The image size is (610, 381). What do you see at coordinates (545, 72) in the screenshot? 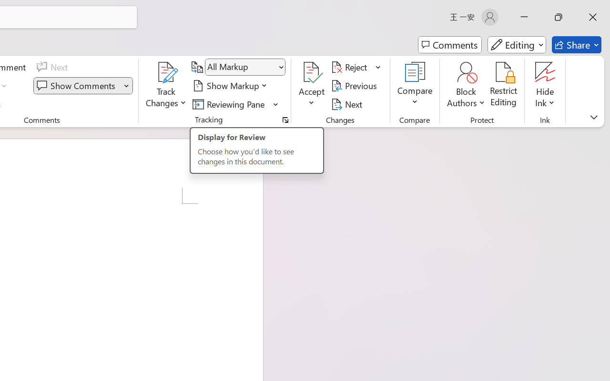
I see `'Hide Ink'` at bounding box center [545, 72].